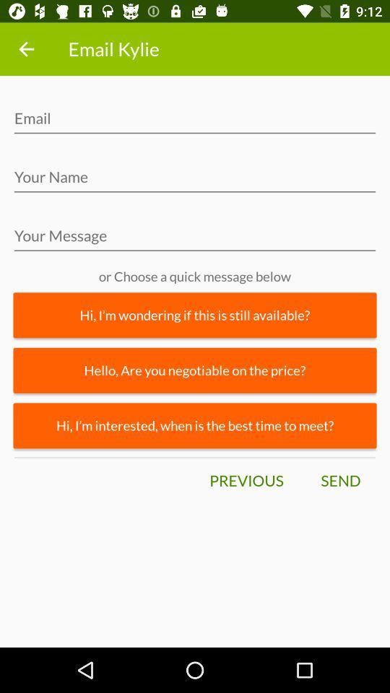  I want to click on the send item, so click(340, 481).